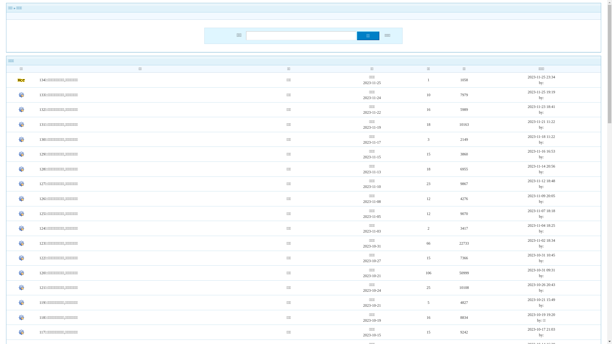 The width and height of the screenshot is (612, 344). I want to click on '2023-11-16 16:53', so click(528, 151).